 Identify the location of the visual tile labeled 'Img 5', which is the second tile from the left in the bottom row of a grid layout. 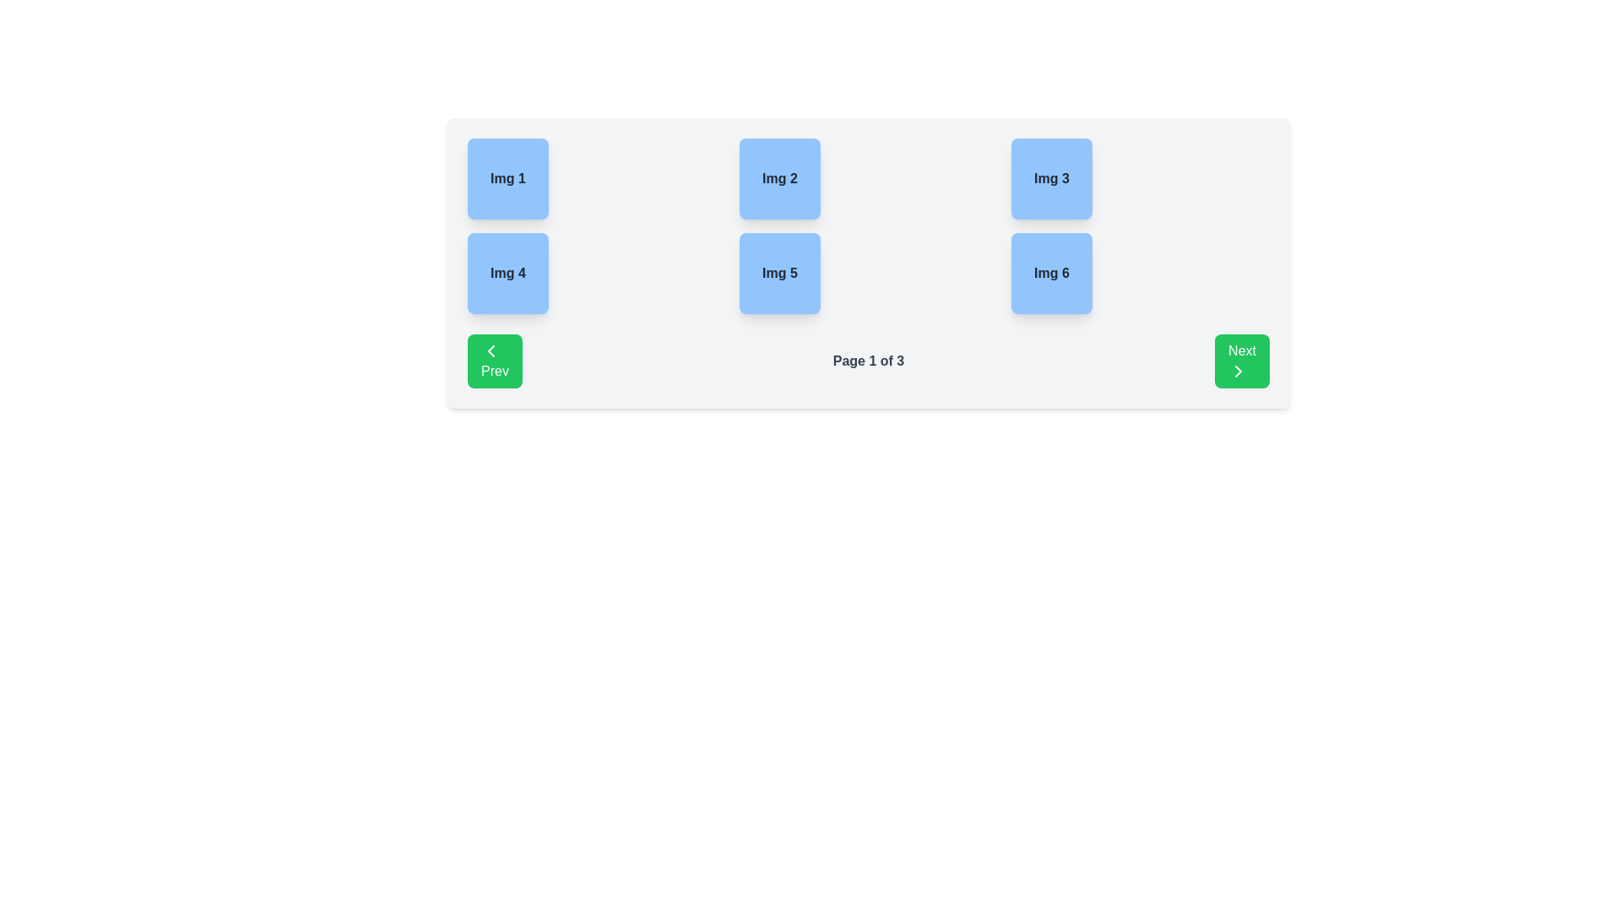
(779, 273).